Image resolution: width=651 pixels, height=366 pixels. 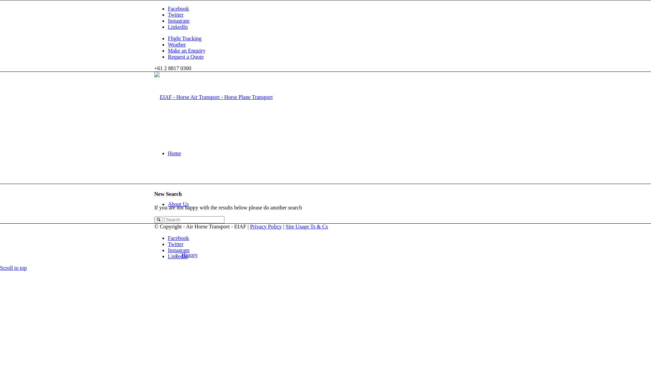 What do you see at coordinates (167, 204) in the screenshot?
I see `'About Us'` at bounding box center [167, 204].